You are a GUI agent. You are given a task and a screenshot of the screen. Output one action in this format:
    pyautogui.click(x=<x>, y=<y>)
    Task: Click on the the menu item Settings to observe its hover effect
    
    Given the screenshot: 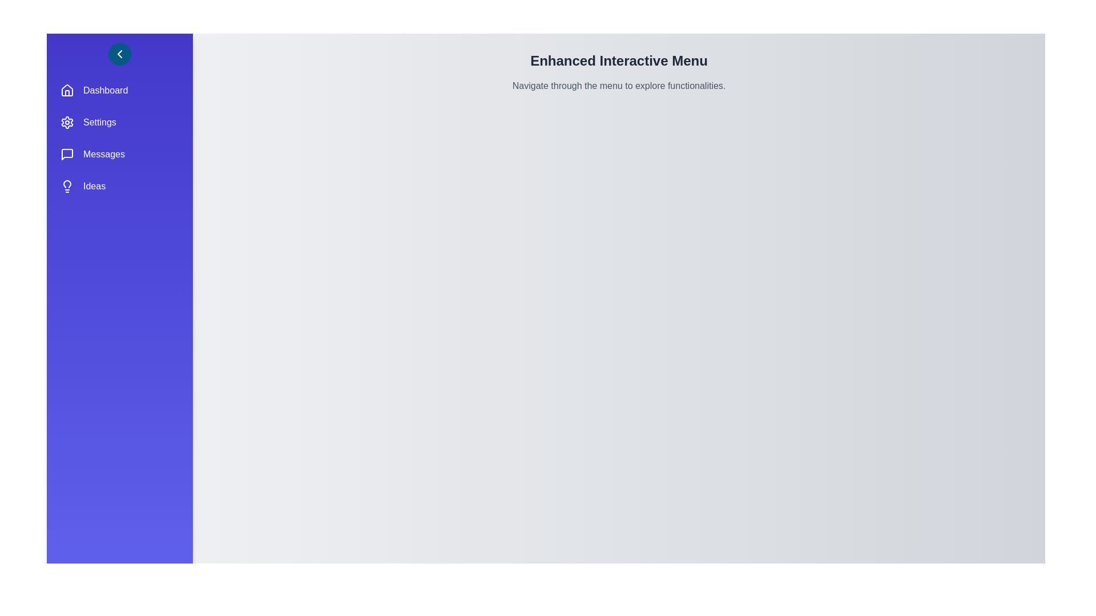 What is the action you would take?
    pyautogui.click(x=120, y=123)
    